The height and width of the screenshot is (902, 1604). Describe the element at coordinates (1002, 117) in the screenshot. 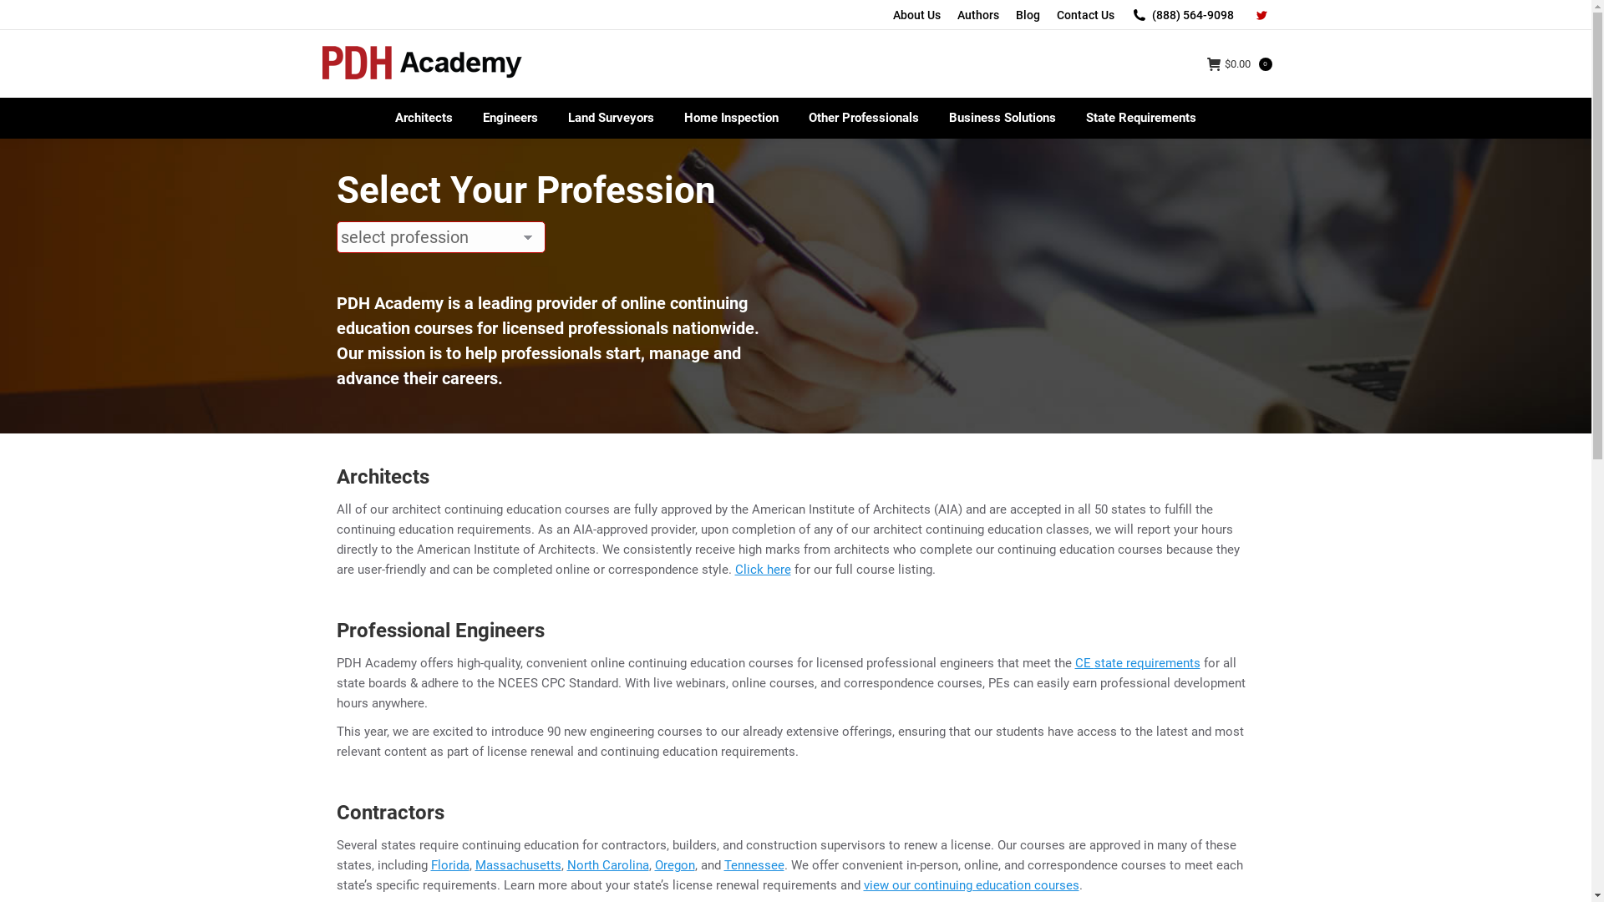

I see `'Business Solutions'` at that location.